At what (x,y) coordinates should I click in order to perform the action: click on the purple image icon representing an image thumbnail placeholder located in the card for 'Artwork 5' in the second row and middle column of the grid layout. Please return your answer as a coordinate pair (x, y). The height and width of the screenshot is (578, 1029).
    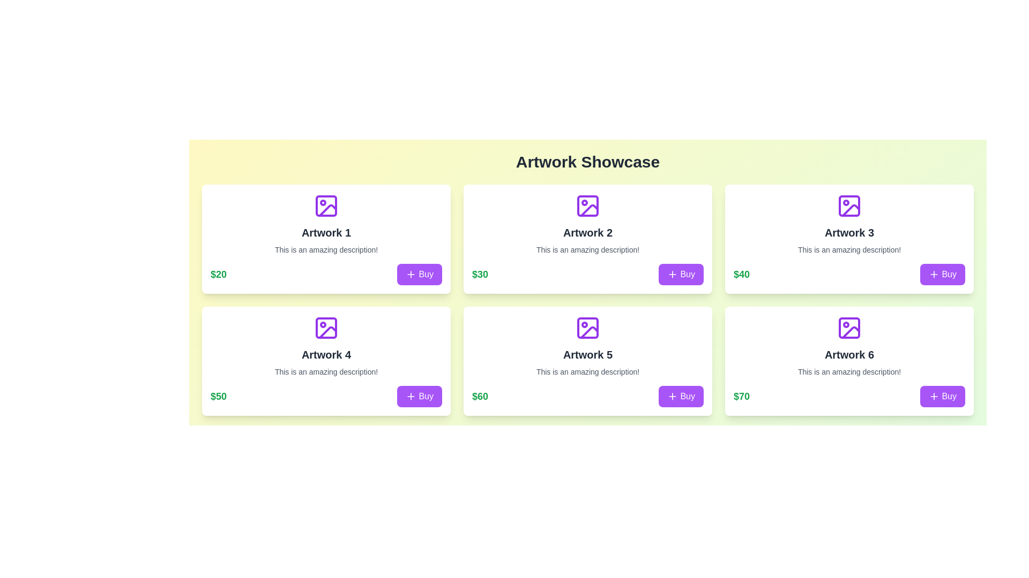
    Looking at the image, I should click on (587, 328).